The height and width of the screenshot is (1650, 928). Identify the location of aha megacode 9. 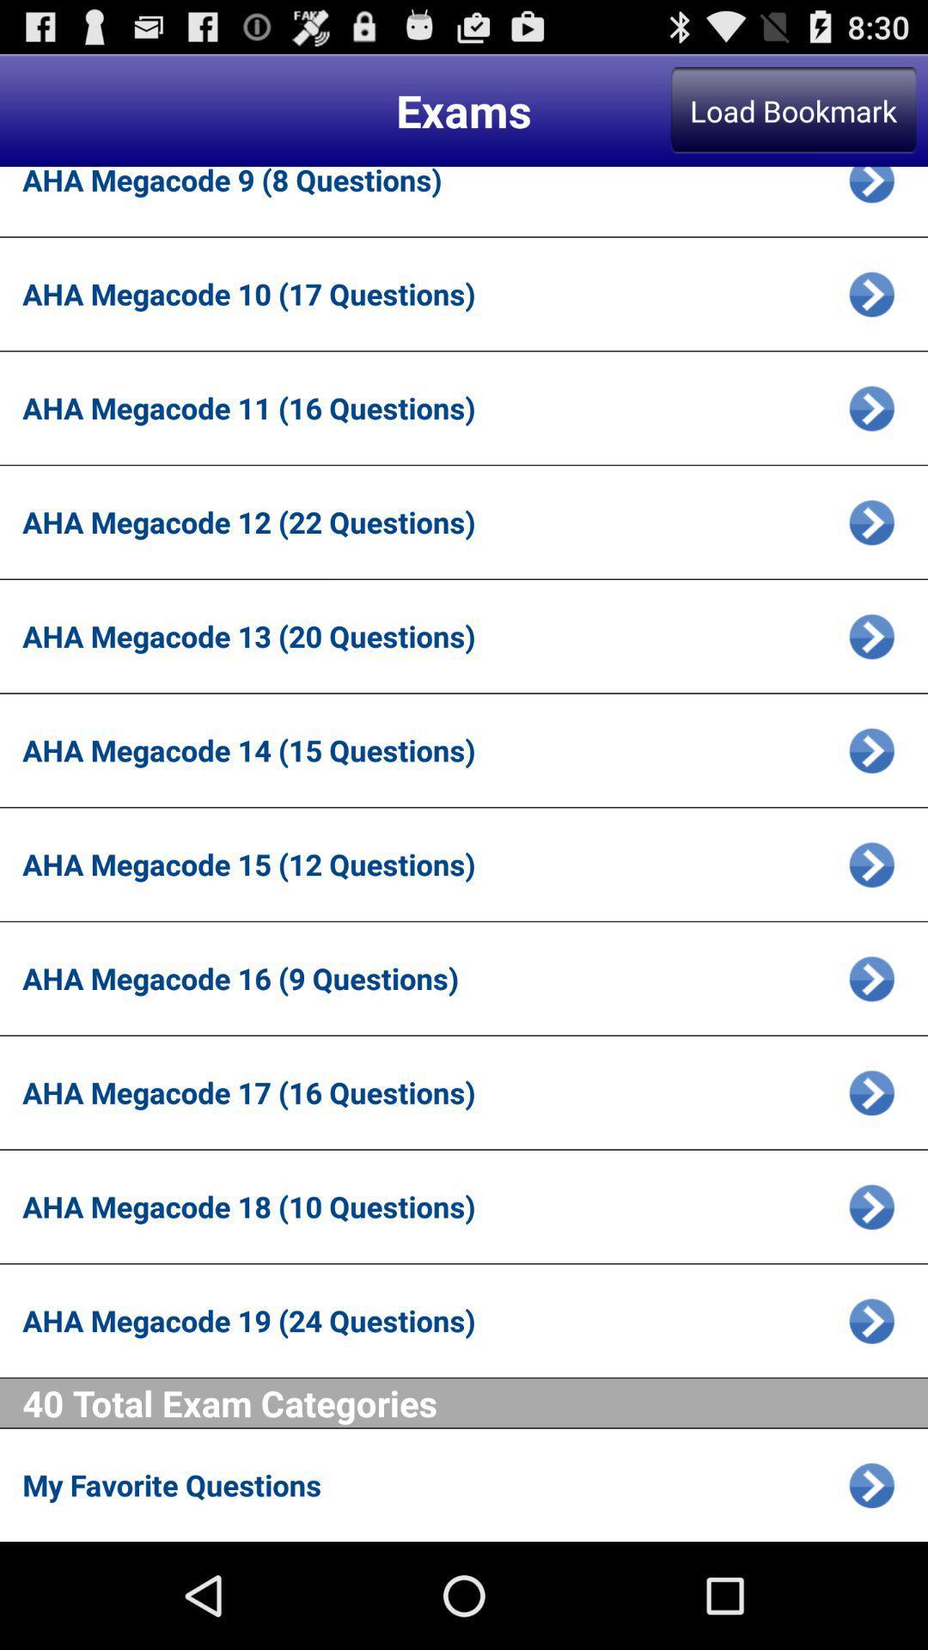
(871, 190).